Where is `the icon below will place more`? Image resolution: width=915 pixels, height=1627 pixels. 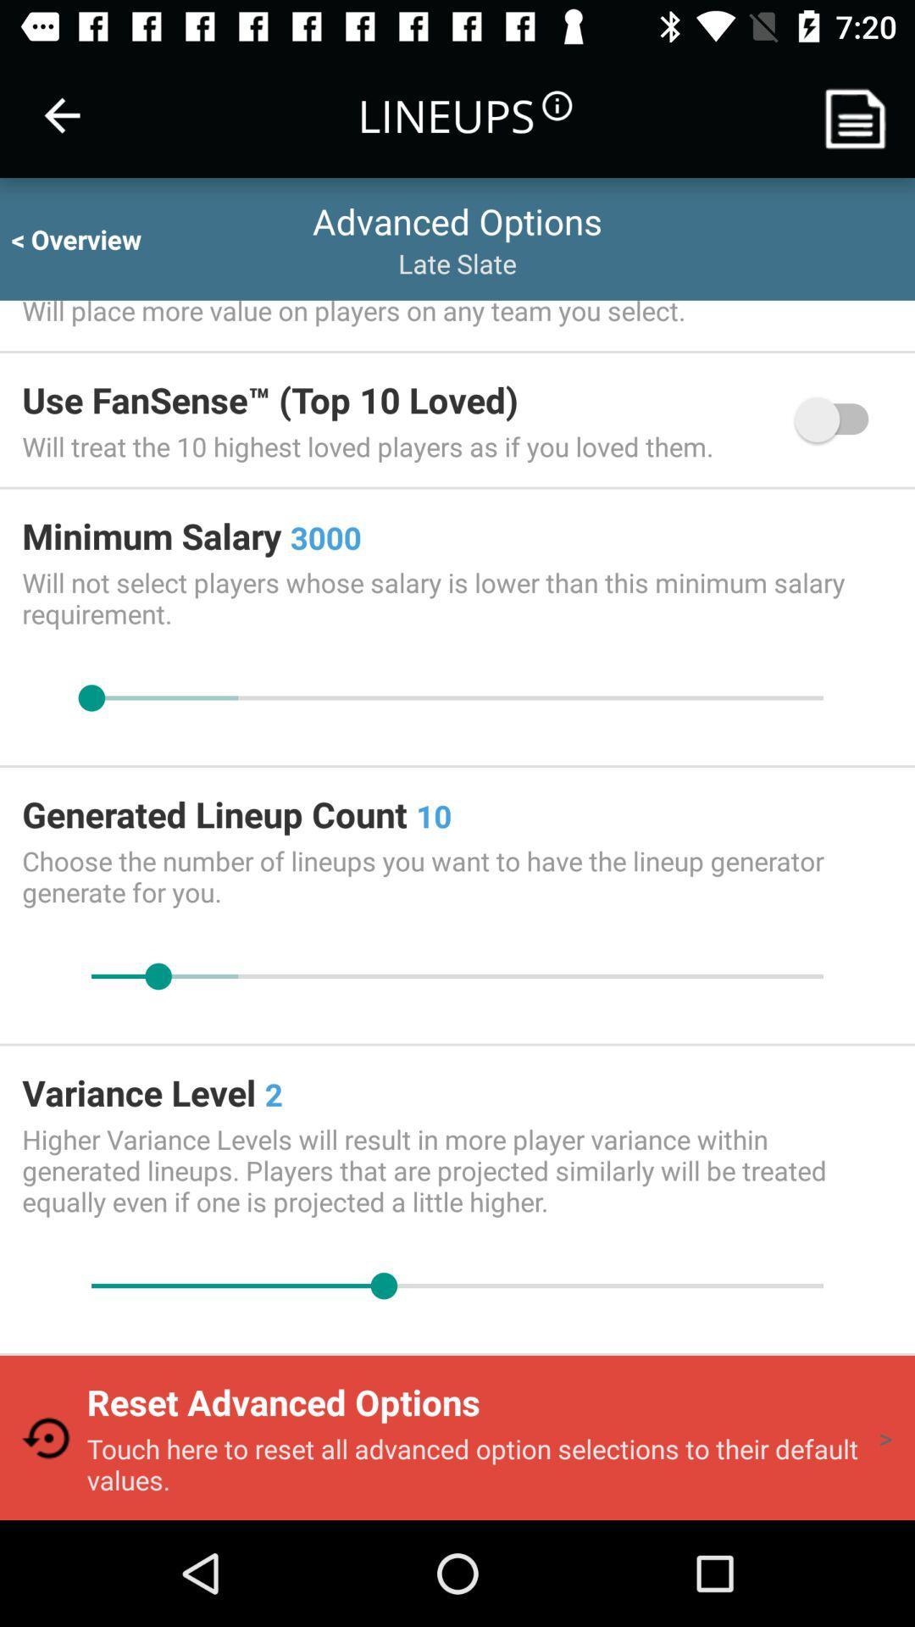 the icon below will place more is located at coordinates (840, 419).